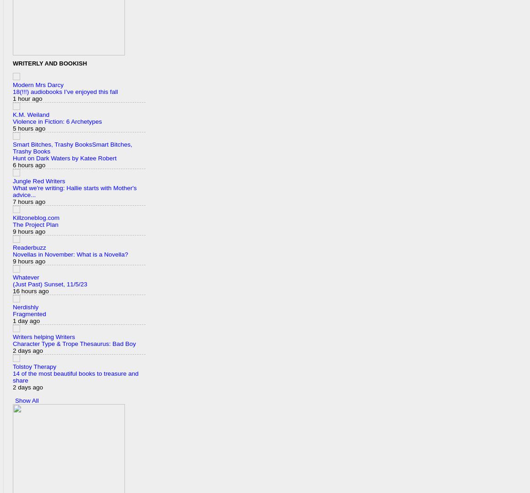  I want to click on 'Readerbuzz', so click(12, 247).